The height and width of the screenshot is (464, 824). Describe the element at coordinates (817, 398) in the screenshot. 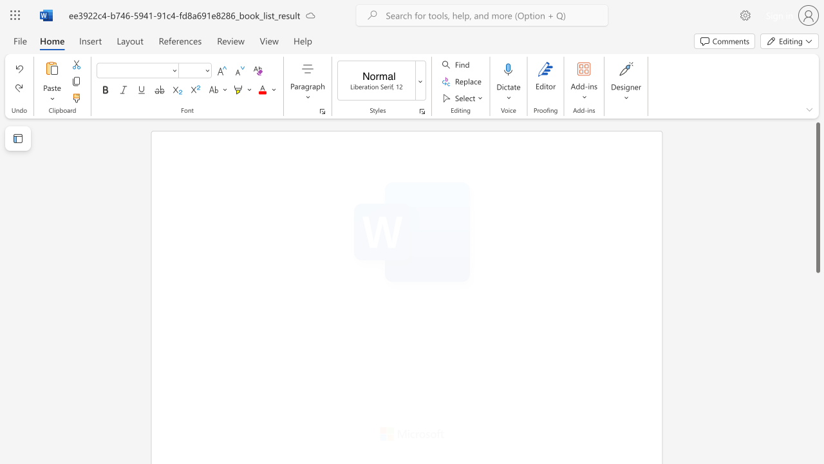

I see `the scrollbar on the right to move the page downward` at that location.